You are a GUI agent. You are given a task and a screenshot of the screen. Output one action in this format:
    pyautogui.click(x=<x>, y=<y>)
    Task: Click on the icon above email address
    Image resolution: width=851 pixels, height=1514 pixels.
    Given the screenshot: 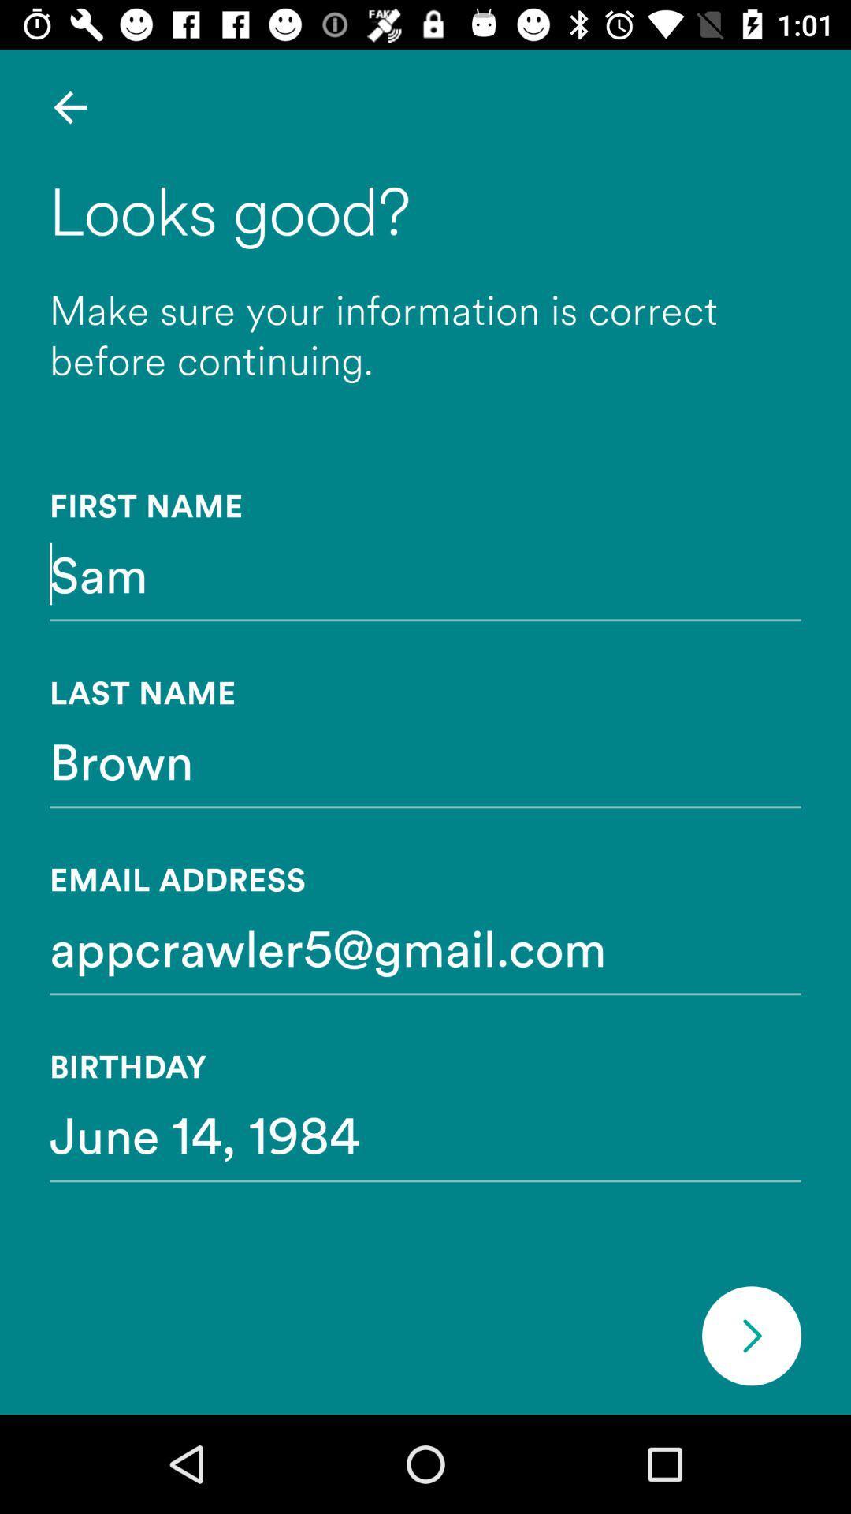 What is the action you would take?
    pyautogui.click(x=425, y=760)
    